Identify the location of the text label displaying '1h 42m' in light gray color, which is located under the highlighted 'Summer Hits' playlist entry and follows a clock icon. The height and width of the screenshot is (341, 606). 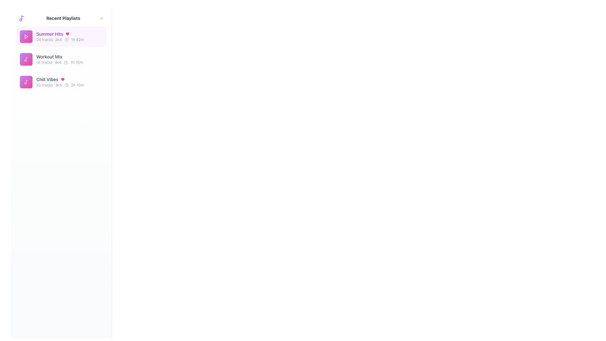
(77, 40).